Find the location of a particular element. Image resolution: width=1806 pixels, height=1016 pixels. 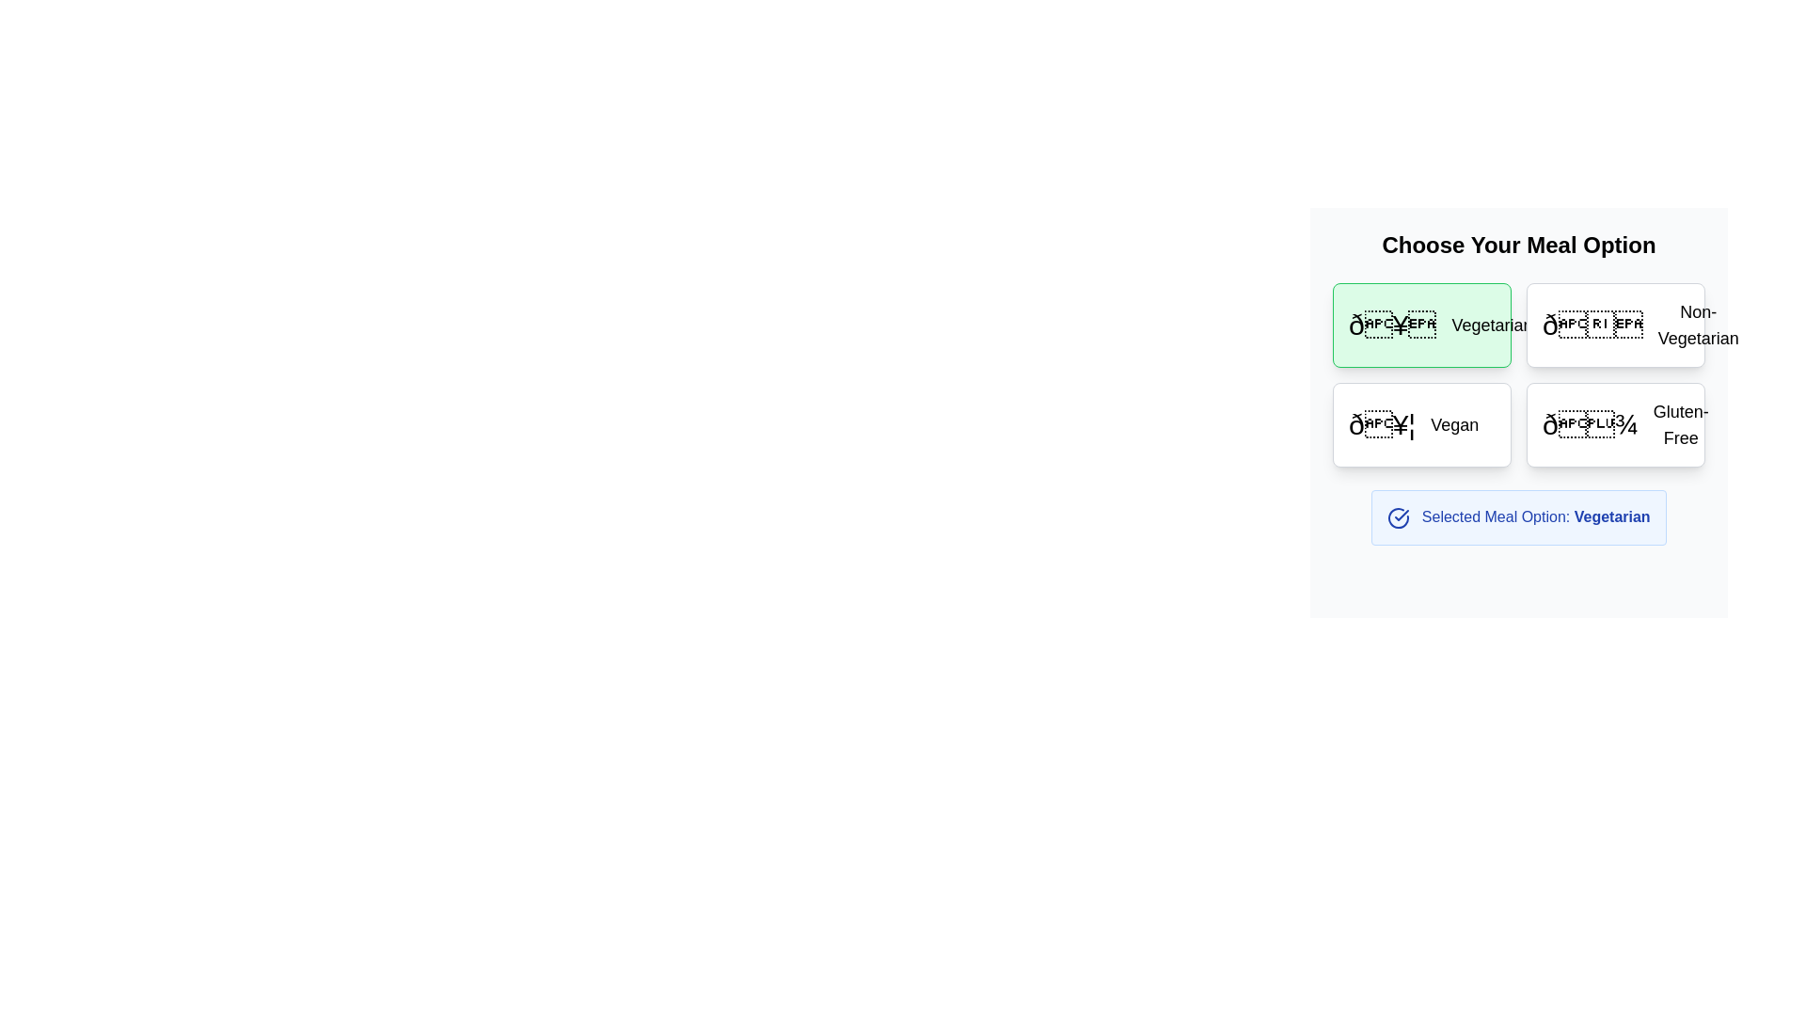

text label 'Vegetarian' located in the 'Selected Meal Option' section, which features a blue font and is positioned below the grid of meal options is located at coordinates (1611, 516).